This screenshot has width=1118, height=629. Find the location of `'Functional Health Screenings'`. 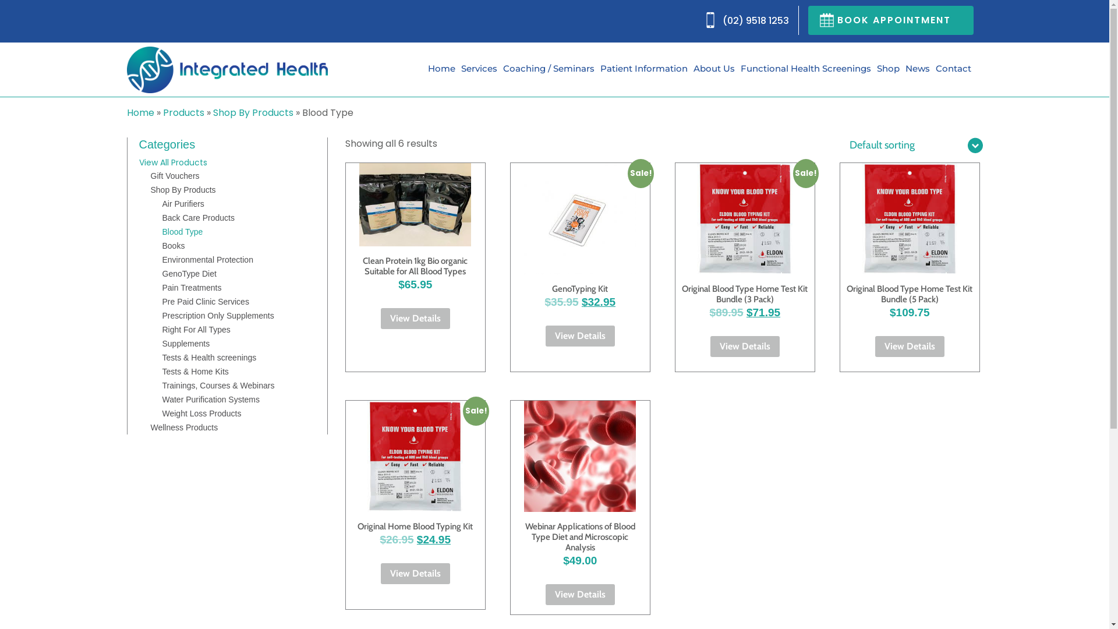

'Functional Health Screenings' is located at coordinates (805, 69).